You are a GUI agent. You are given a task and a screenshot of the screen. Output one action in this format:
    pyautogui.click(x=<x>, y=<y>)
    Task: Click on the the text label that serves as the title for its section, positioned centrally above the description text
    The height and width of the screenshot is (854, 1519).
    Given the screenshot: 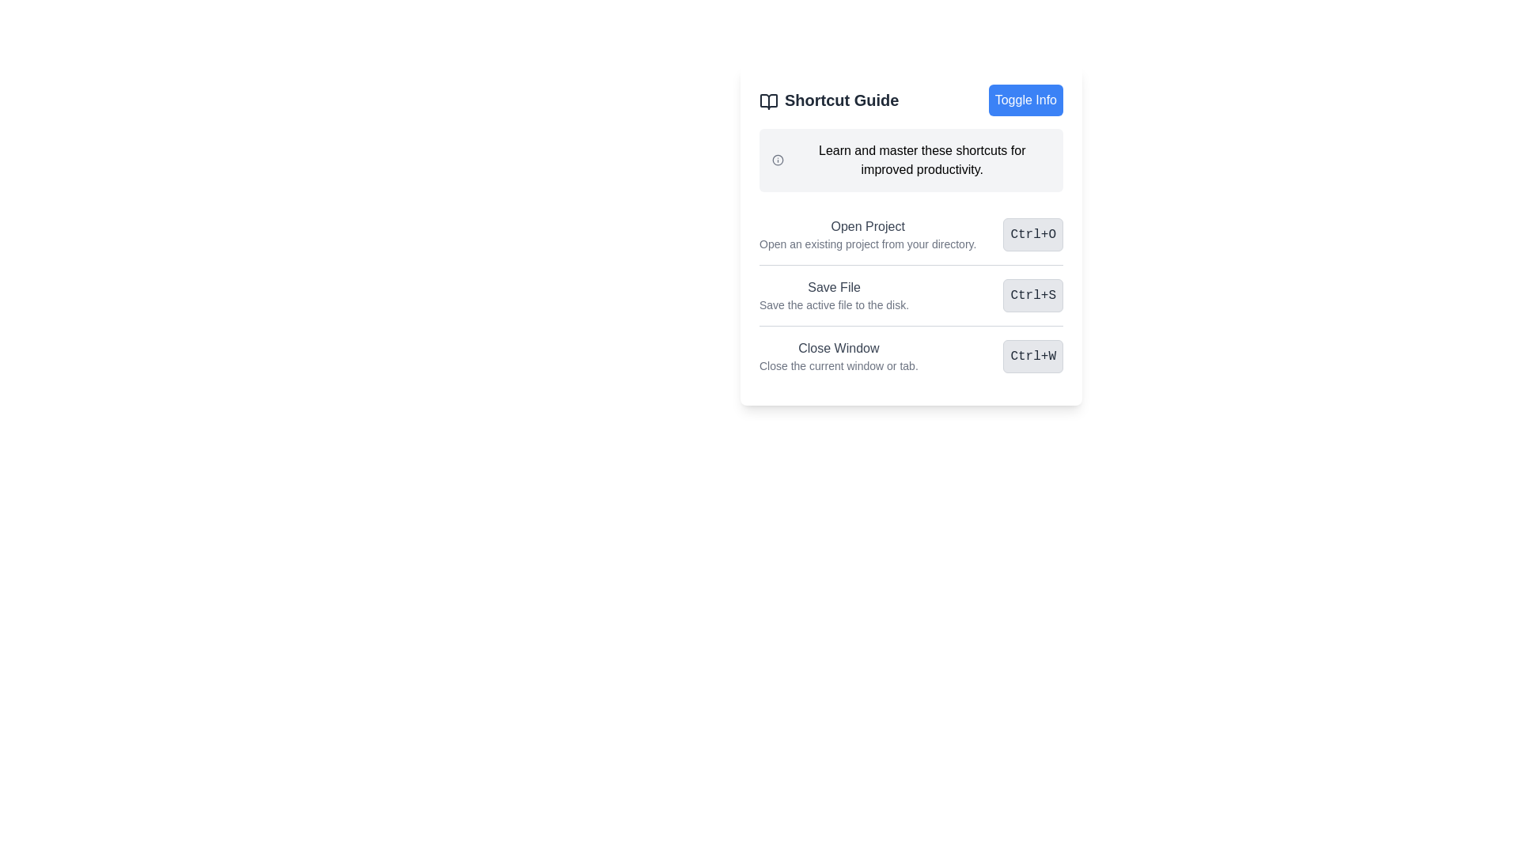 What is the action you would take?
    pyautogui.click(x=867, y=226)
    